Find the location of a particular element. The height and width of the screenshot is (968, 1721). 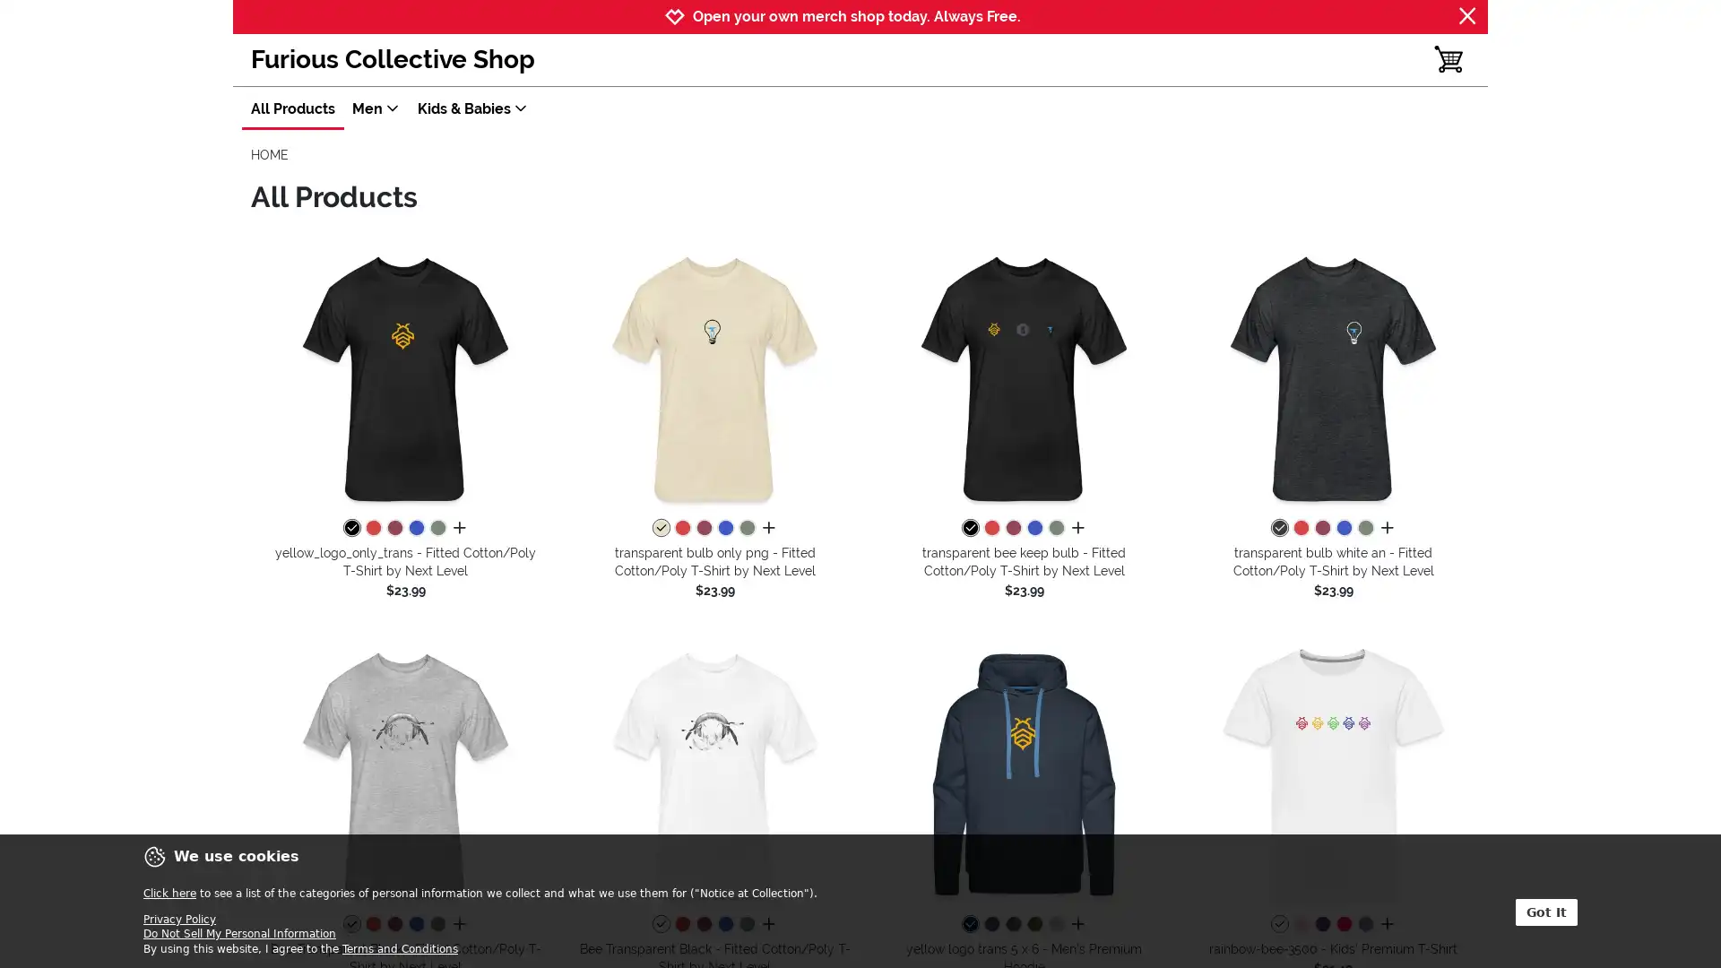

heather black is located at coordinates (1277, 528).